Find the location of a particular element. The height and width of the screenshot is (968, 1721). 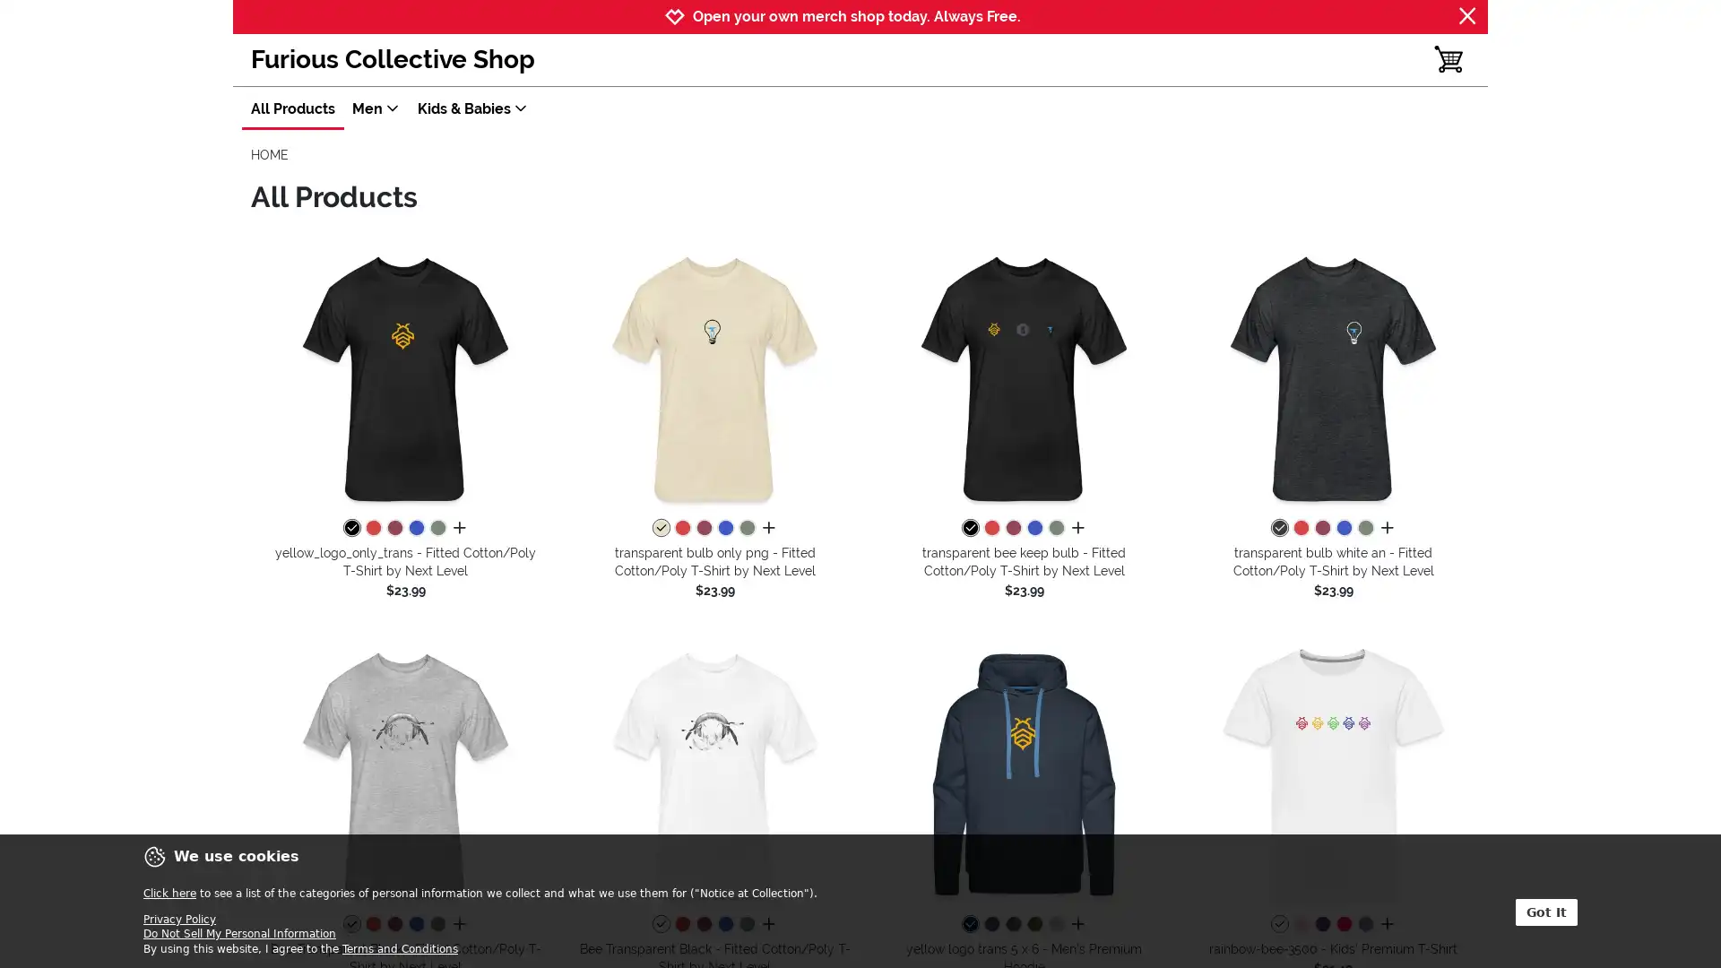

heather black is located at coordinates (1277, 528).